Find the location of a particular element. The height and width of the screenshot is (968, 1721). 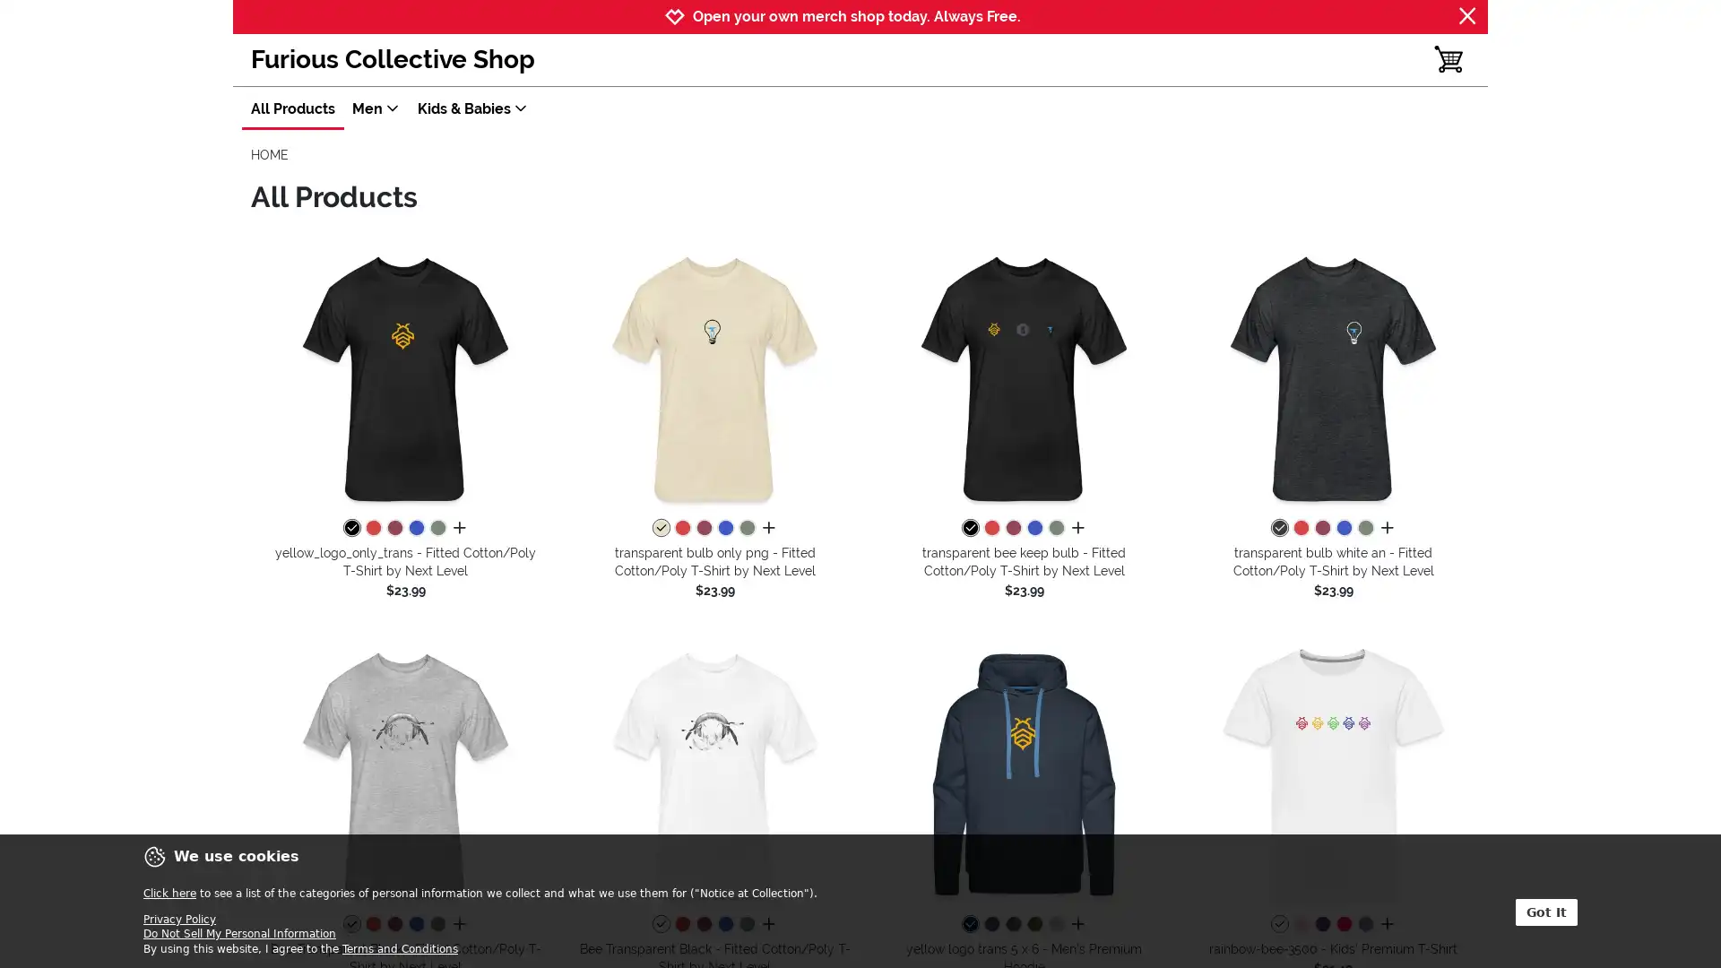

heather black is located at coordinates (1277, 528).